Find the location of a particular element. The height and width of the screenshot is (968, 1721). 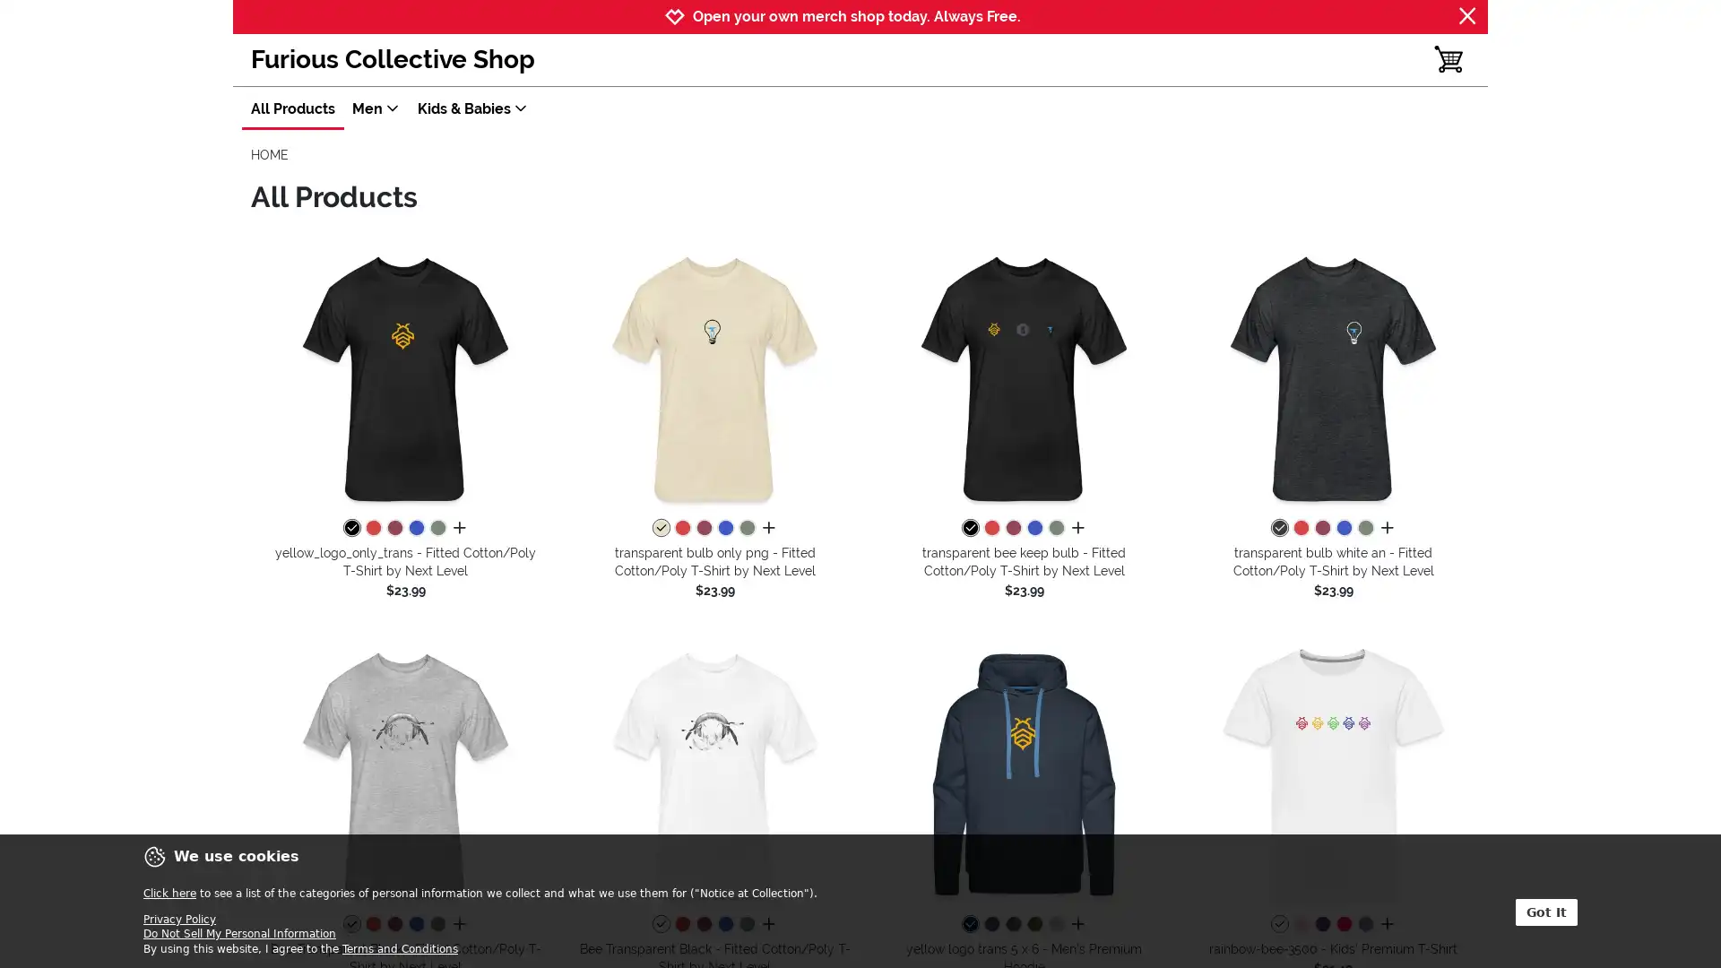

heather black is located at coordinates (1277, 528).